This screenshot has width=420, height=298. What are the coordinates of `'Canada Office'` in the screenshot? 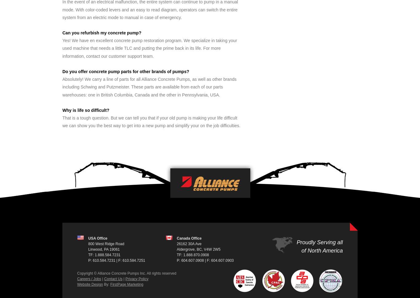 It's located at (188, 238).